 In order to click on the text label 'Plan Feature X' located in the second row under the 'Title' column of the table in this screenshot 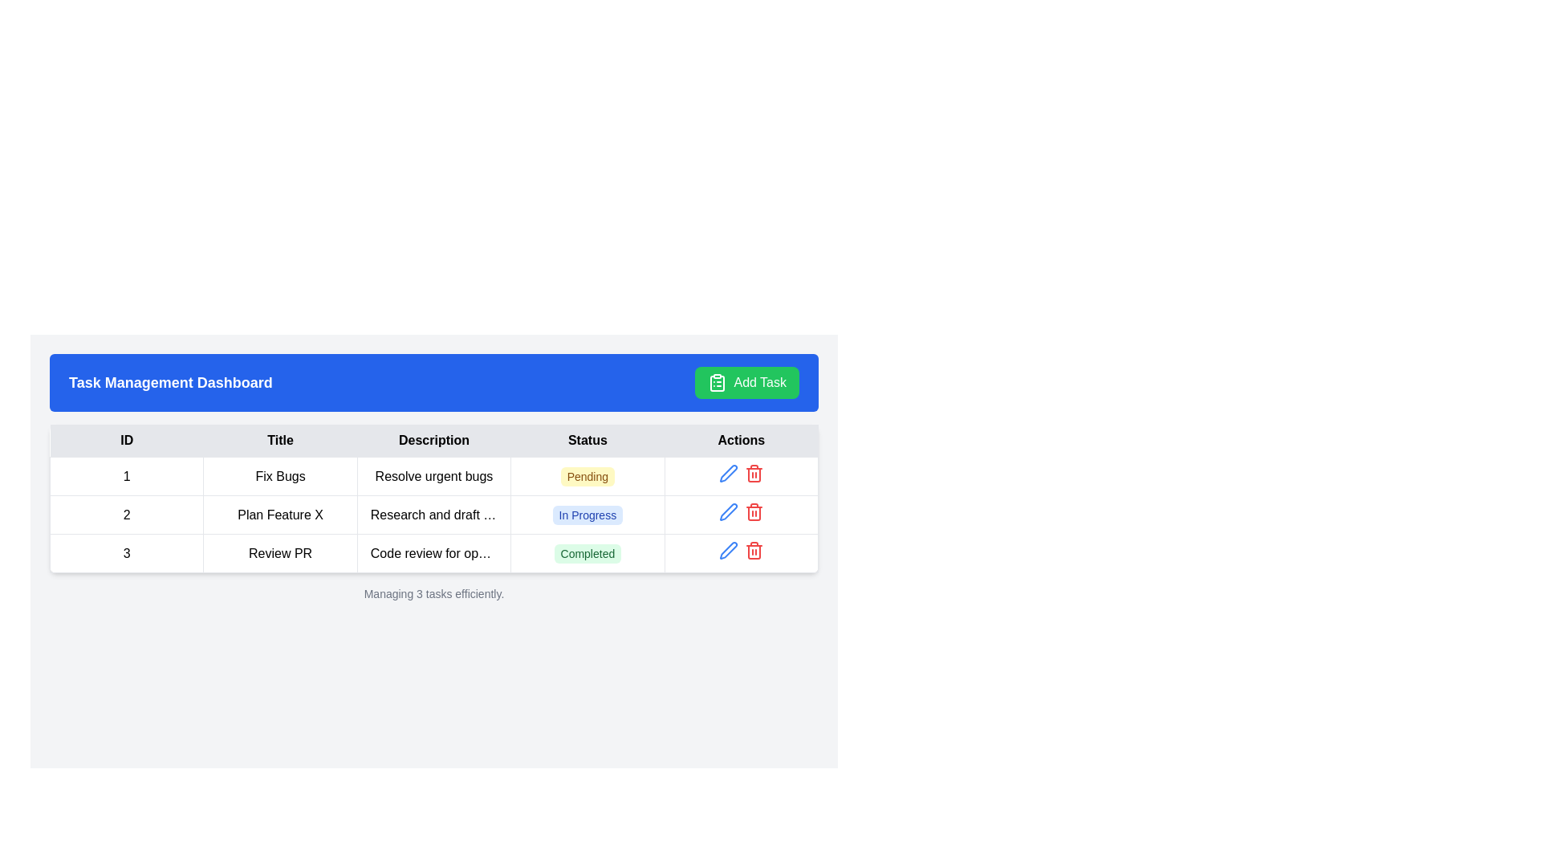, I will do `click(280, 515)`.